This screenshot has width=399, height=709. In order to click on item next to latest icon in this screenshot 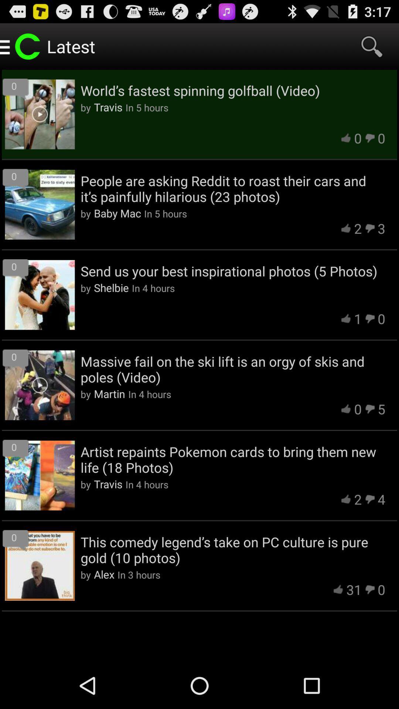, I will do `click(372, 46)`.